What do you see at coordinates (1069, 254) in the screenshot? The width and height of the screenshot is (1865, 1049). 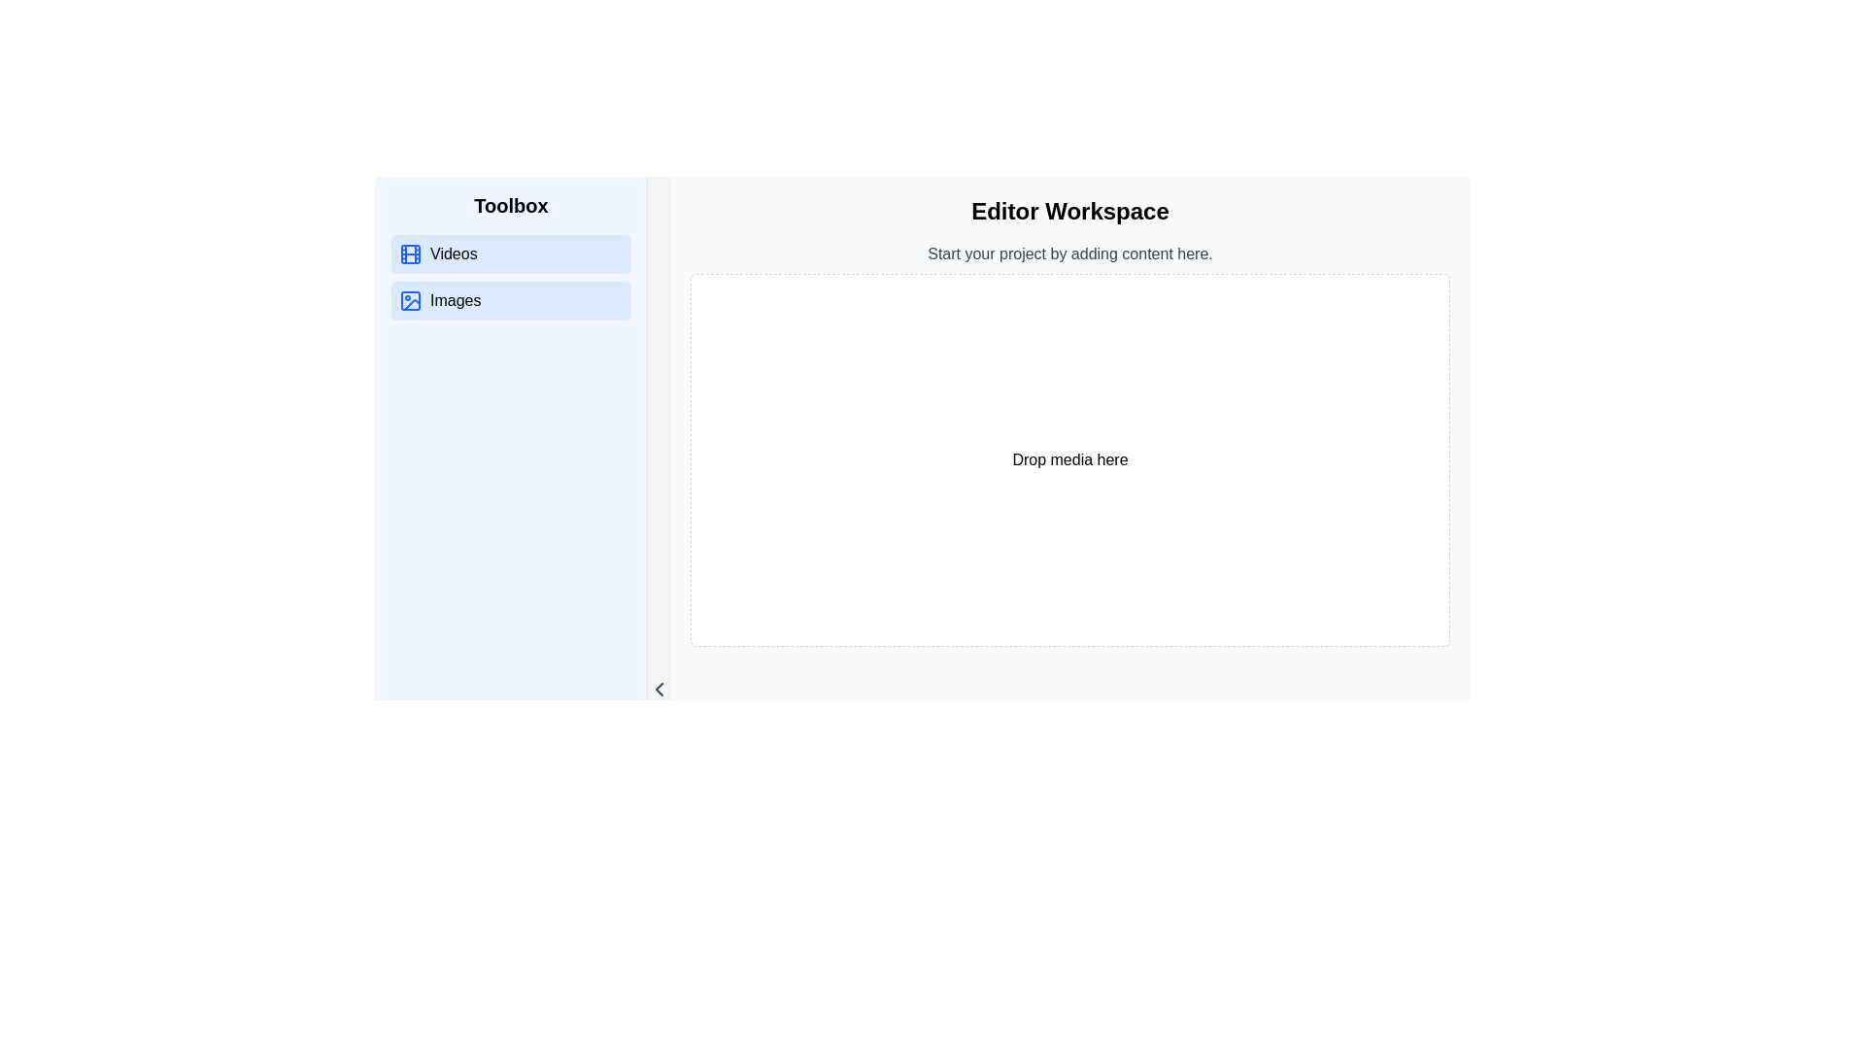 I see `the text element stating 'Start your project by adding content here.', which is located below the 'Editor Workspace' header and above the 'Drop media here' area` at bounding box center [1069, 254].